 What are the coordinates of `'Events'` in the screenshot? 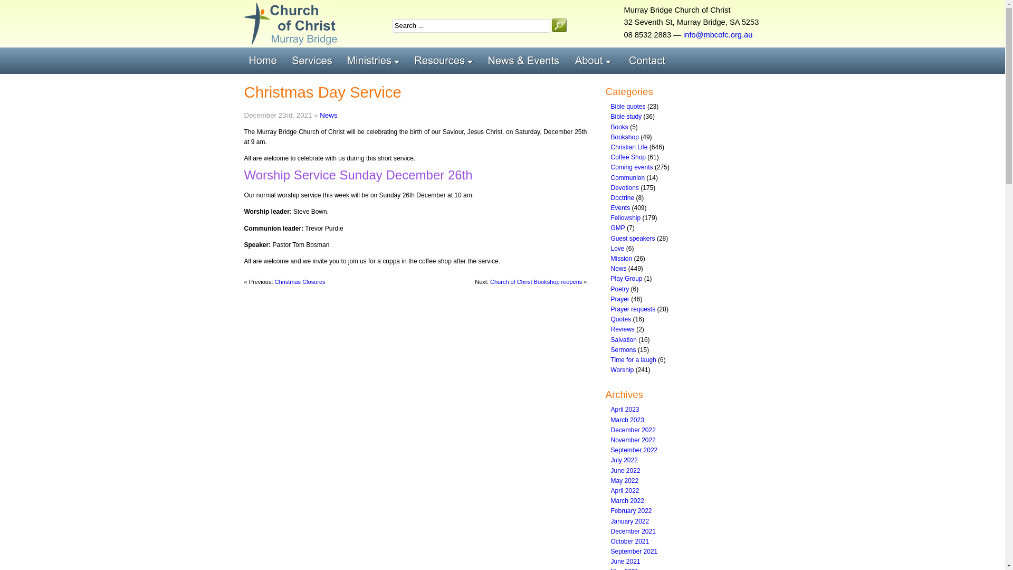 It's located at (620, 207).